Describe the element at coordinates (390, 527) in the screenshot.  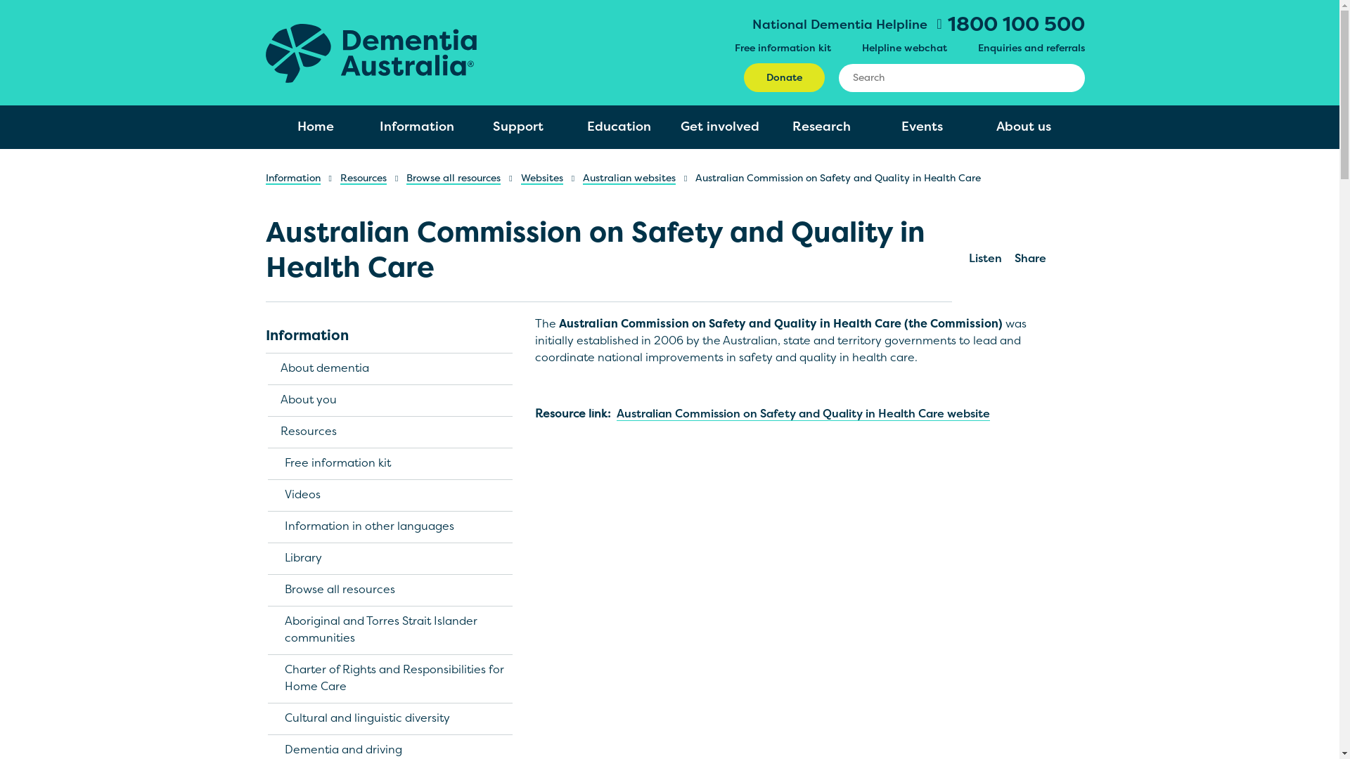
I see `'Information in other languages'` at that location.